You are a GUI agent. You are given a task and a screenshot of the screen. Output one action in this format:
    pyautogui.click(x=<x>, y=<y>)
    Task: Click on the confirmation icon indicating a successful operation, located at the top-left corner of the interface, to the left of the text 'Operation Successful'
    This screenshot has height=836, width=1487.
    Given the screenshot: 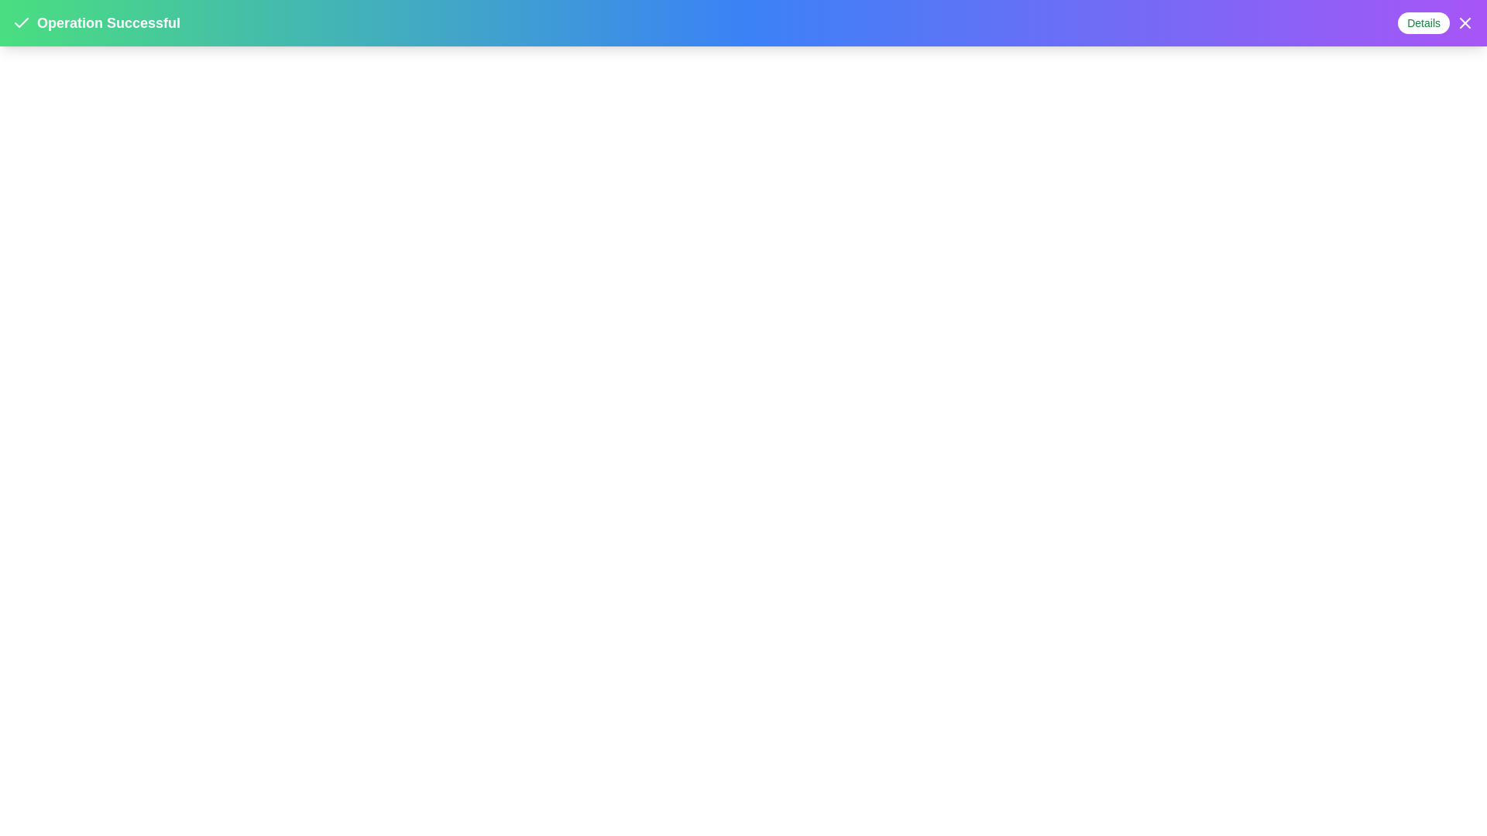 What is the action you would take?
    pyautogui.click(x=22, y=23)
    